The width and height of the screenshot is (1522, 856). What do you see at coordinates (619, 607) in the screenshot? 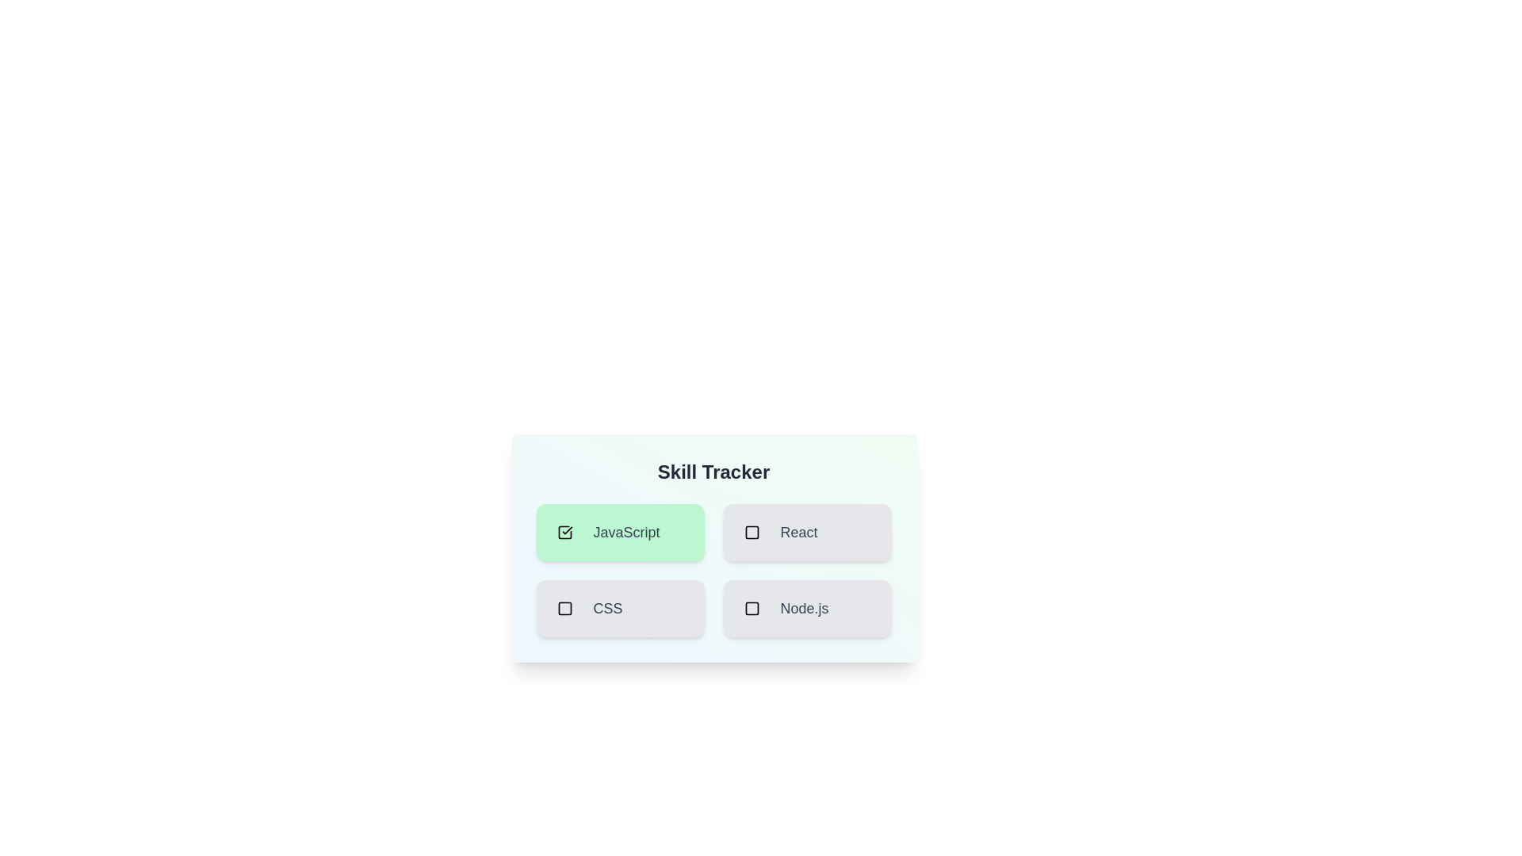
I see `the skill card labeled CSS to toggle its selection state` at bounding box center [619, 607].